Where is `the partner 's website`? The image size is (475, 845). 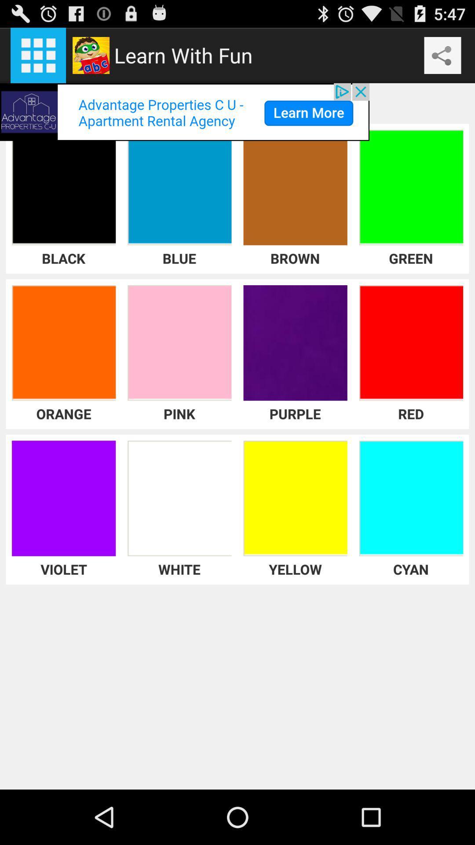 the partner 's website is located at coordinates (184, 111).